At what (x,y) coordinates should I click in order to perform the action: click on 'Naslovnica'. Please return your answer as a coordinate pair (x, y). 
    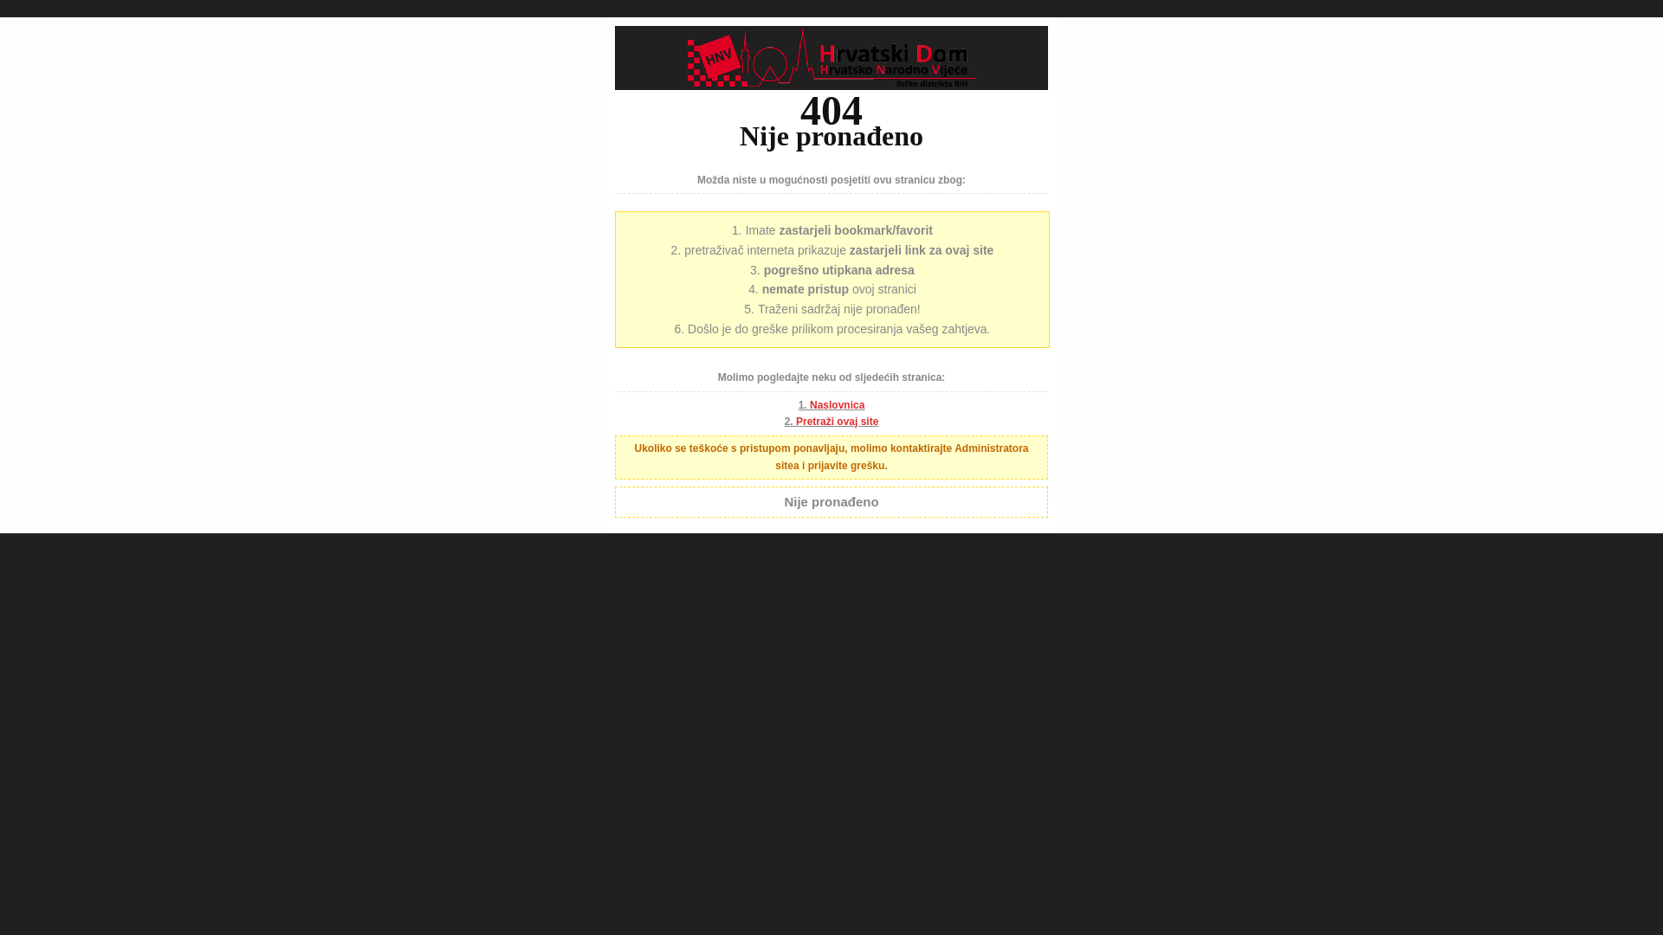
    Looking at the image, I should click on (837, 404).